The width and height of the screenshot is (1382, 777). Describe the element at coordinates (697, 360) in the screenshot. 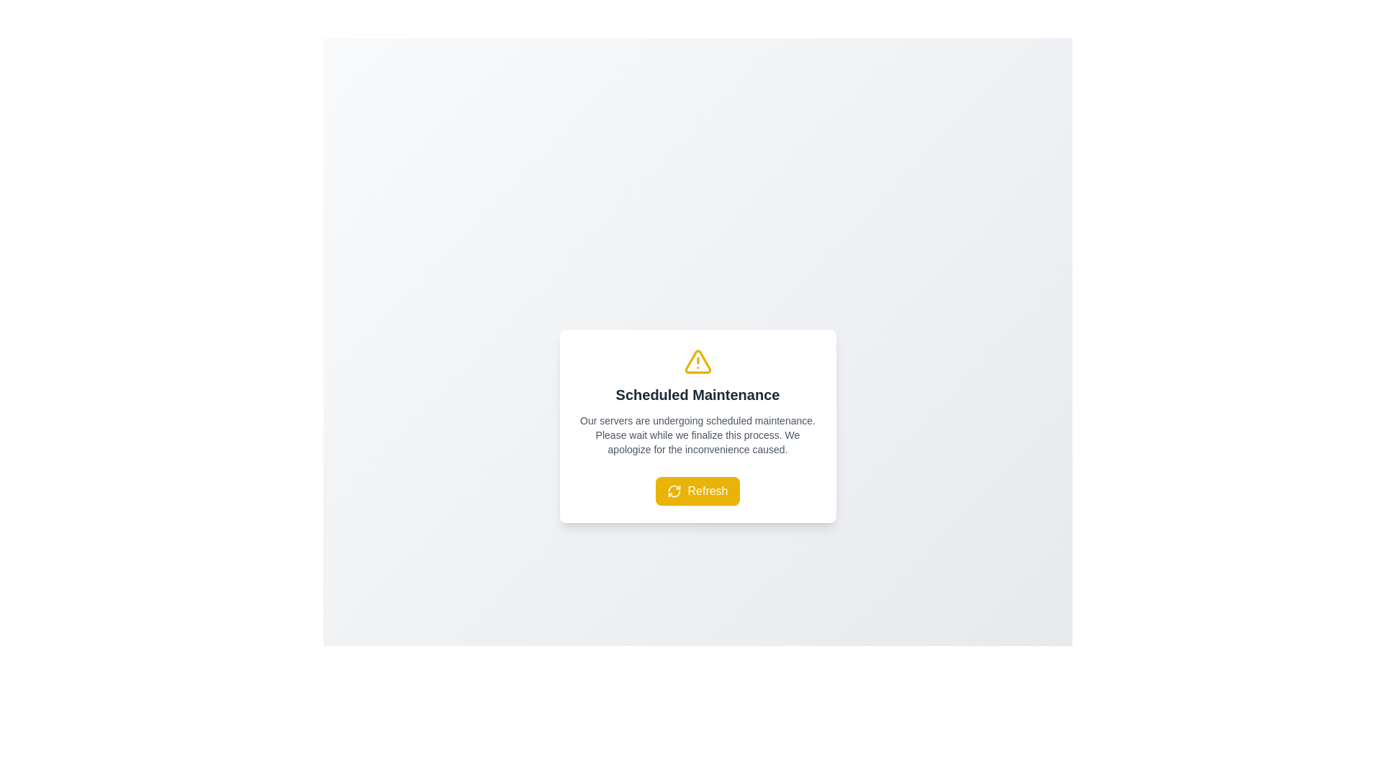

I see `the triangular warning icon with a yellow border and exclamation mark, located at the top center of the modal above the 'Scheduled Maintenance' text` at that location.